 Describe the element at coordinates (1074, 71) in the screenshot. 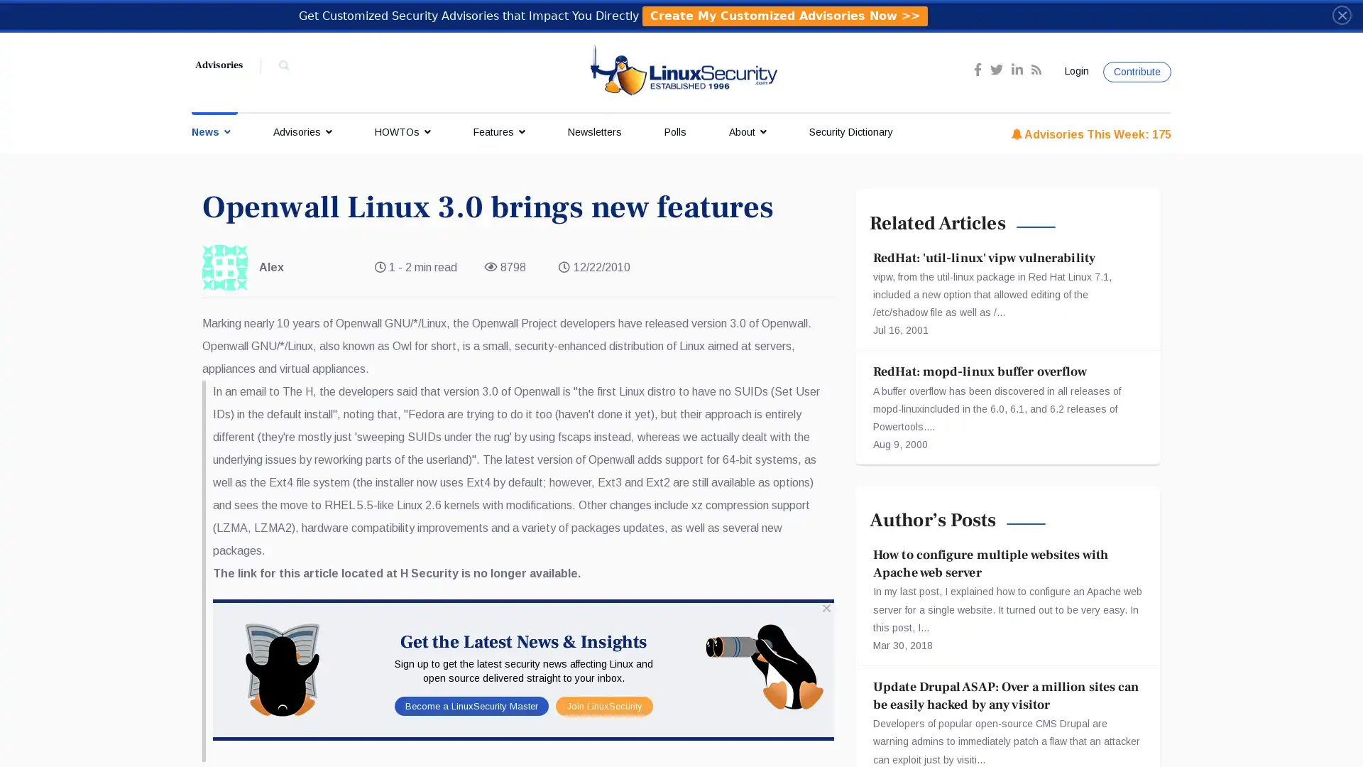

I see `Login` at that location.